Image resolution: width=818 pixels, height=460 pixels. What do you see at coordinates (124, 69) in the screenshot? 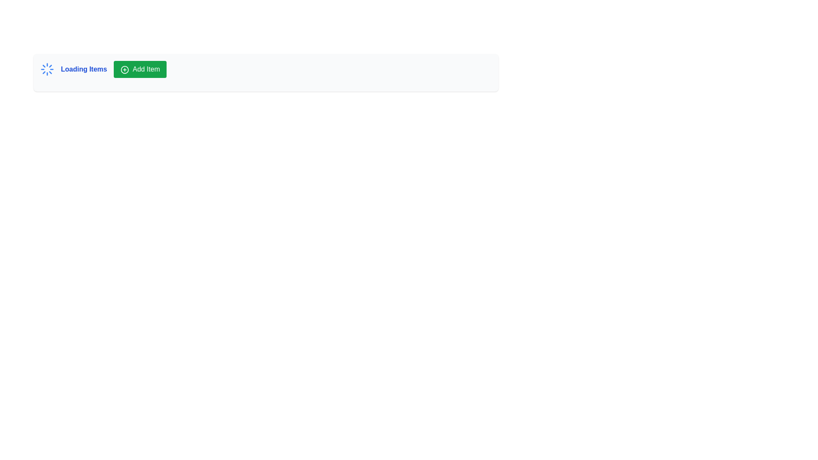
I see `the plus sign icon inside the green circle of the 'Add Item' button, which is located on the right side of the horizontal interface` at bounding box center [124, 69].